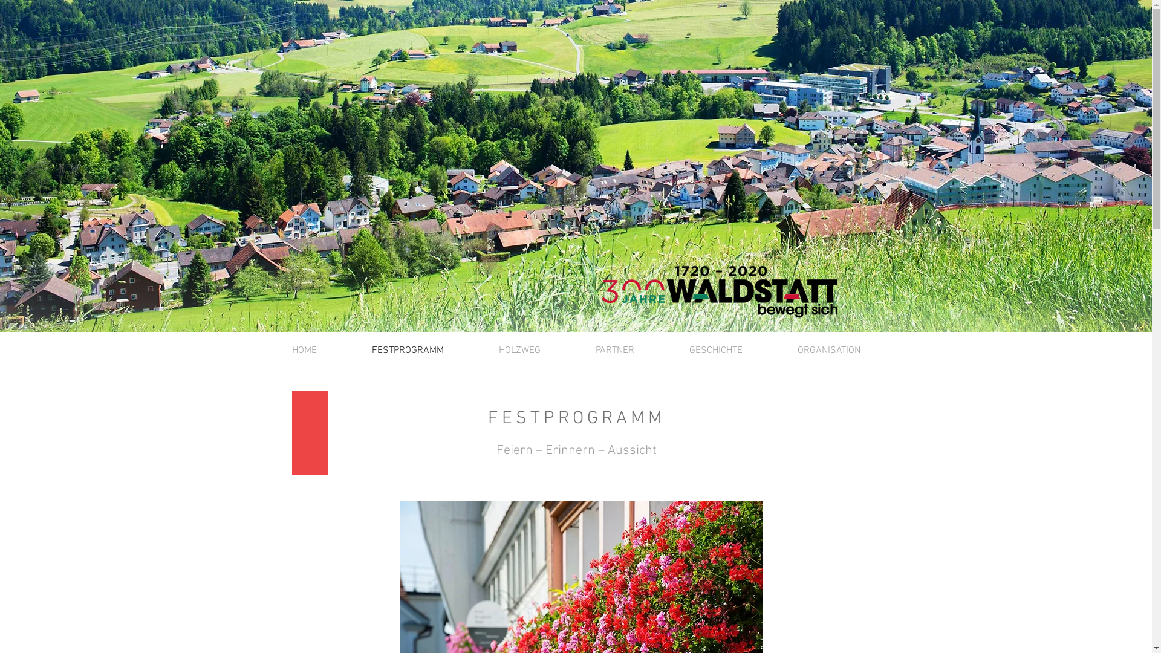  Describe the element at coordinates (304, 350) in the screenshot. I see `'HOME'` at that location.